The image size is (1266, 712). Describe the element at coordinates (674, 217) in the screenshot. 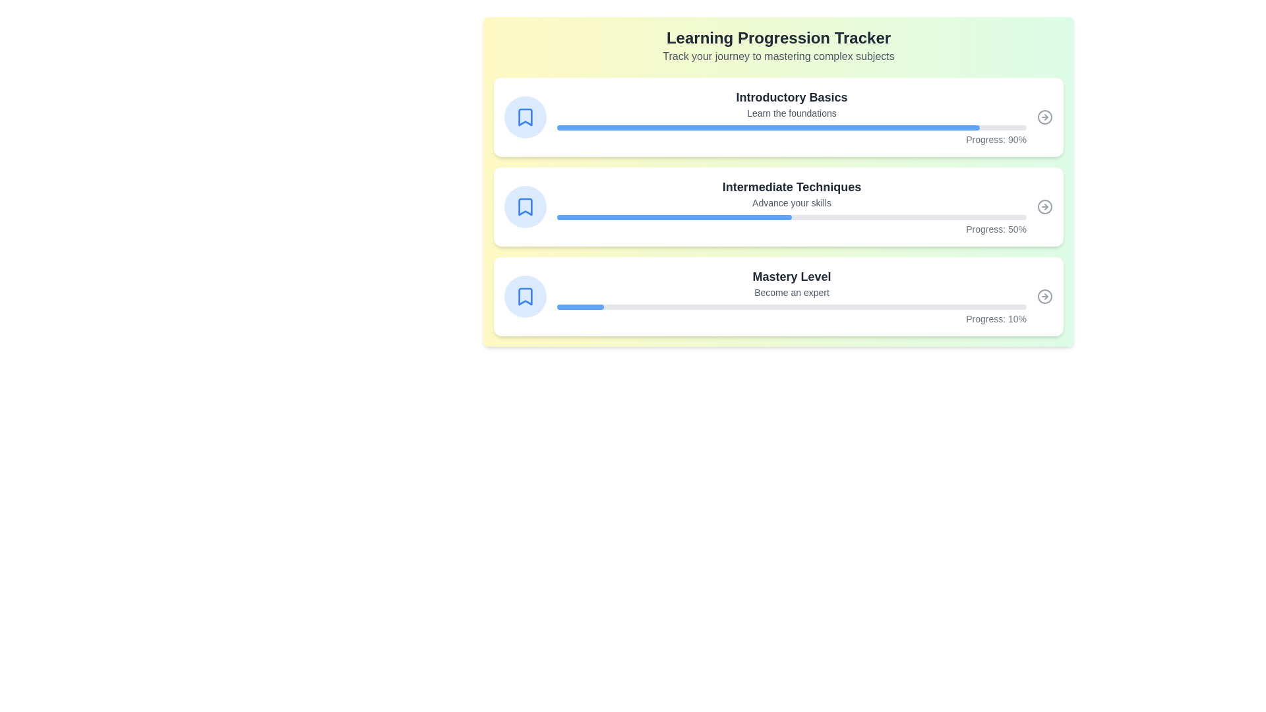

I see `the blue progress bar indicating 50% completion for the 'Intermediate Techniques' section` at that location.